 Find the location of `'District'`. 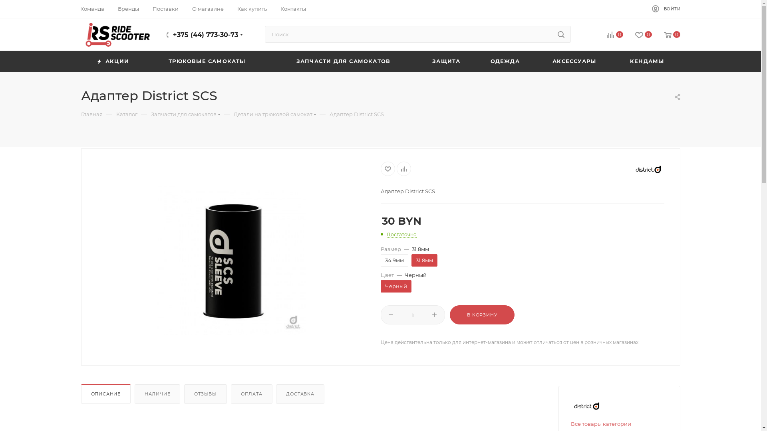

'District' is located at coordinates (648, 169).